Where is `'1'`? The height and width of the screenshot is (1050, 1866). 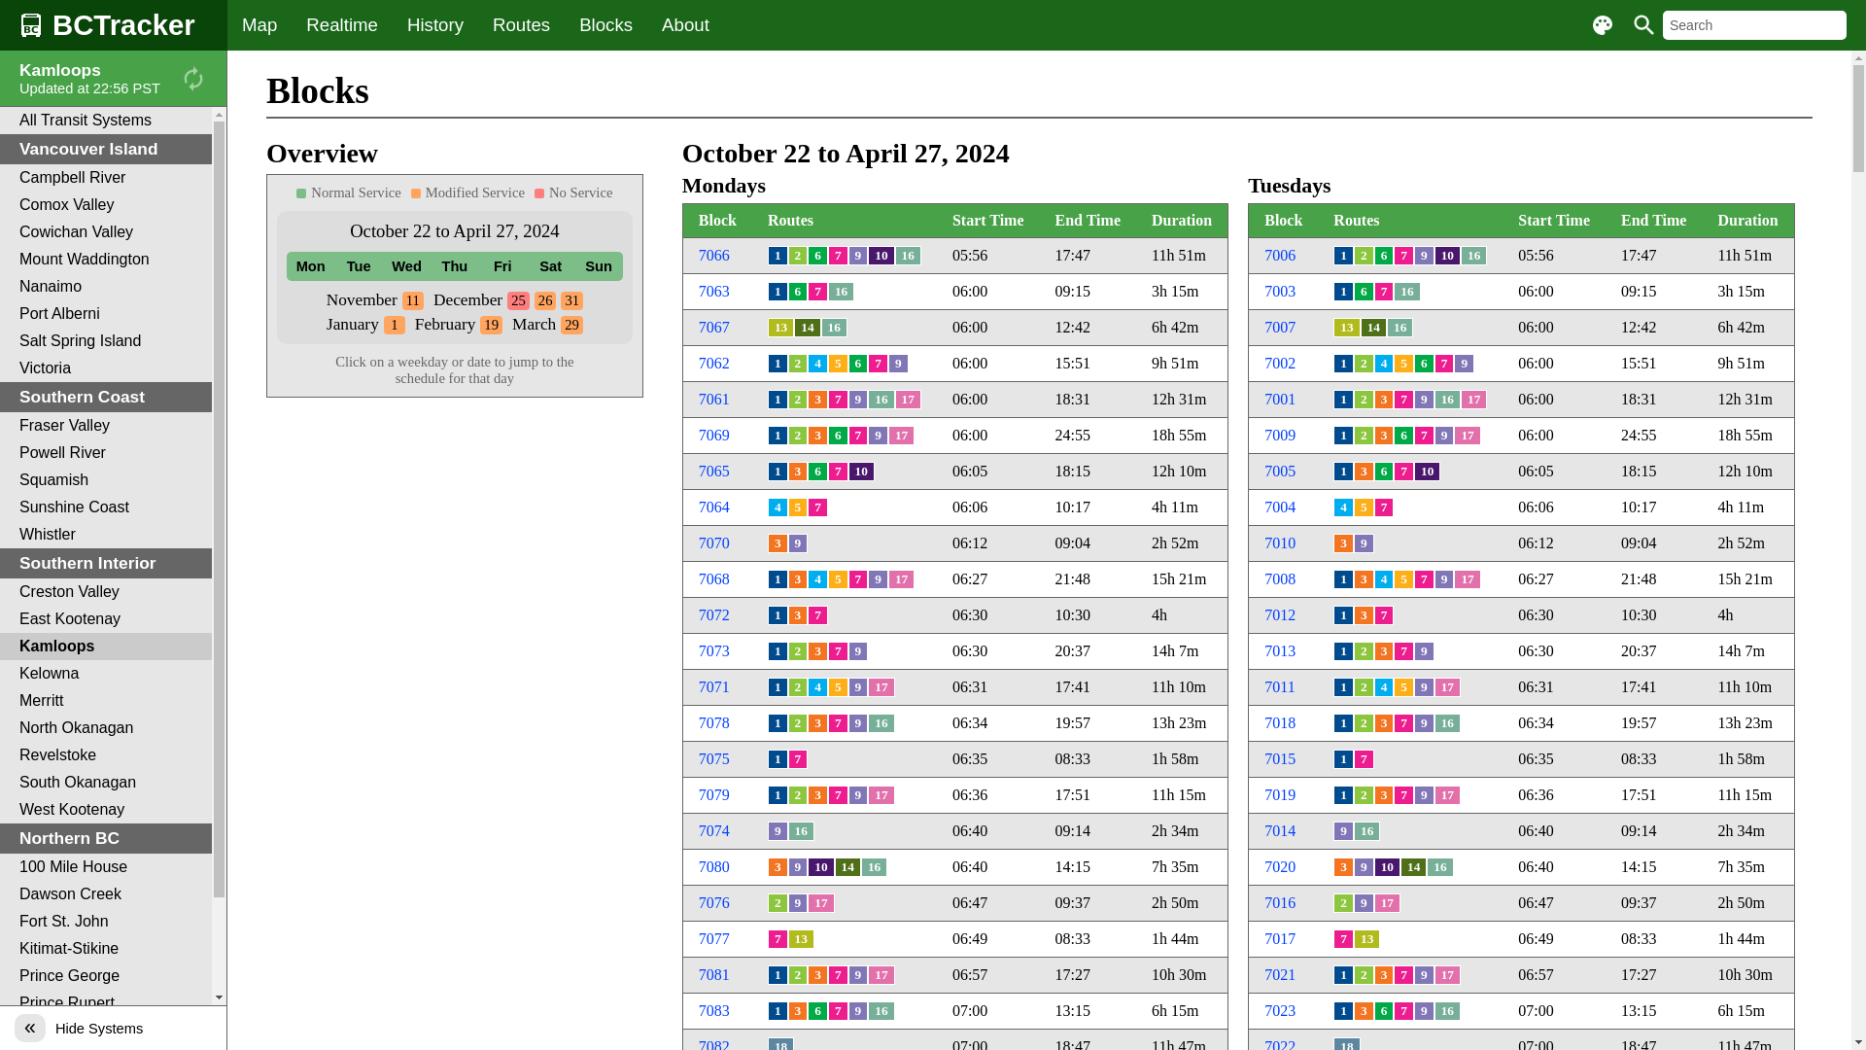
'1' is located at coordinates (1342, 651).